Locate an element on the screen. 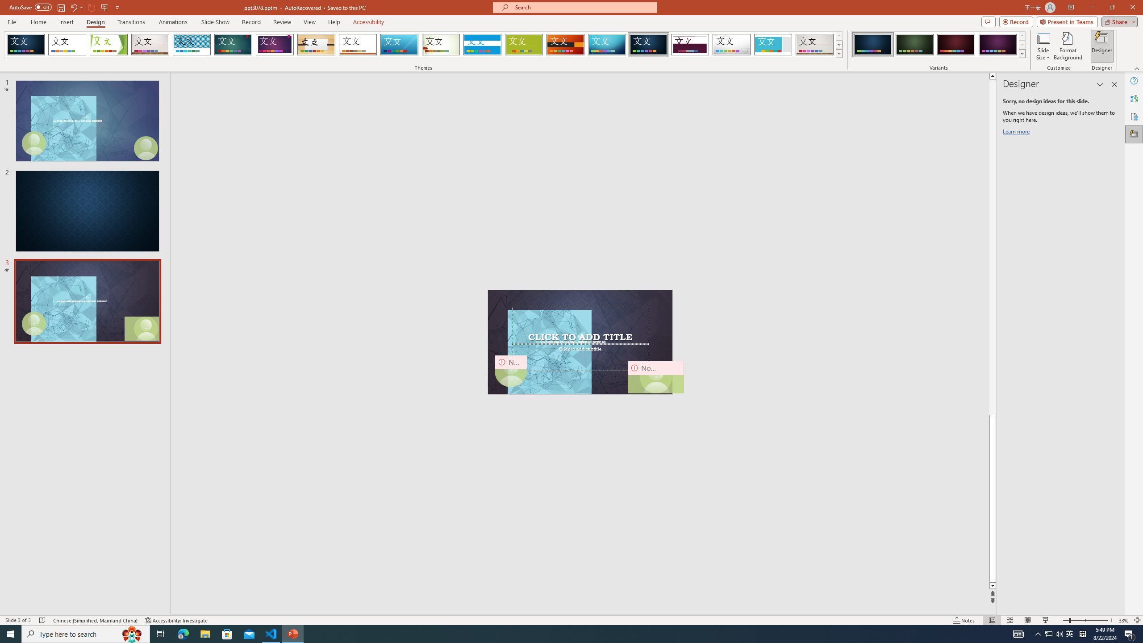 The image size is (1143, 643). 'TextBox 61' is located at coordinates (579, 342).